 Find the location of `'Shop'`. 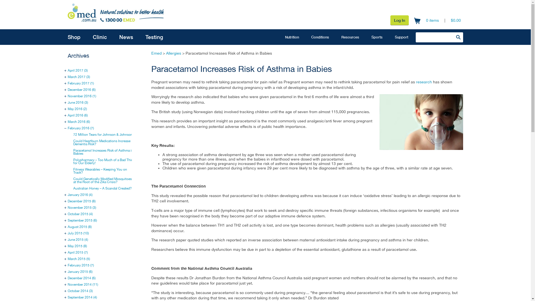

'Shop' is located at coordinates (74, 37).